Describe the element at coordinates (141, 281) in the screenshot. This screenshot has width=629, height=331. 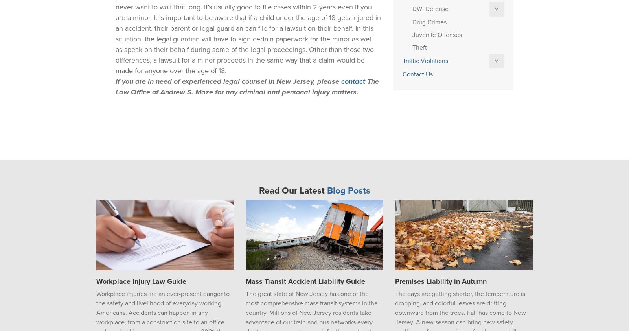
I see `'Workplace Injury Law Guide'` at that location.